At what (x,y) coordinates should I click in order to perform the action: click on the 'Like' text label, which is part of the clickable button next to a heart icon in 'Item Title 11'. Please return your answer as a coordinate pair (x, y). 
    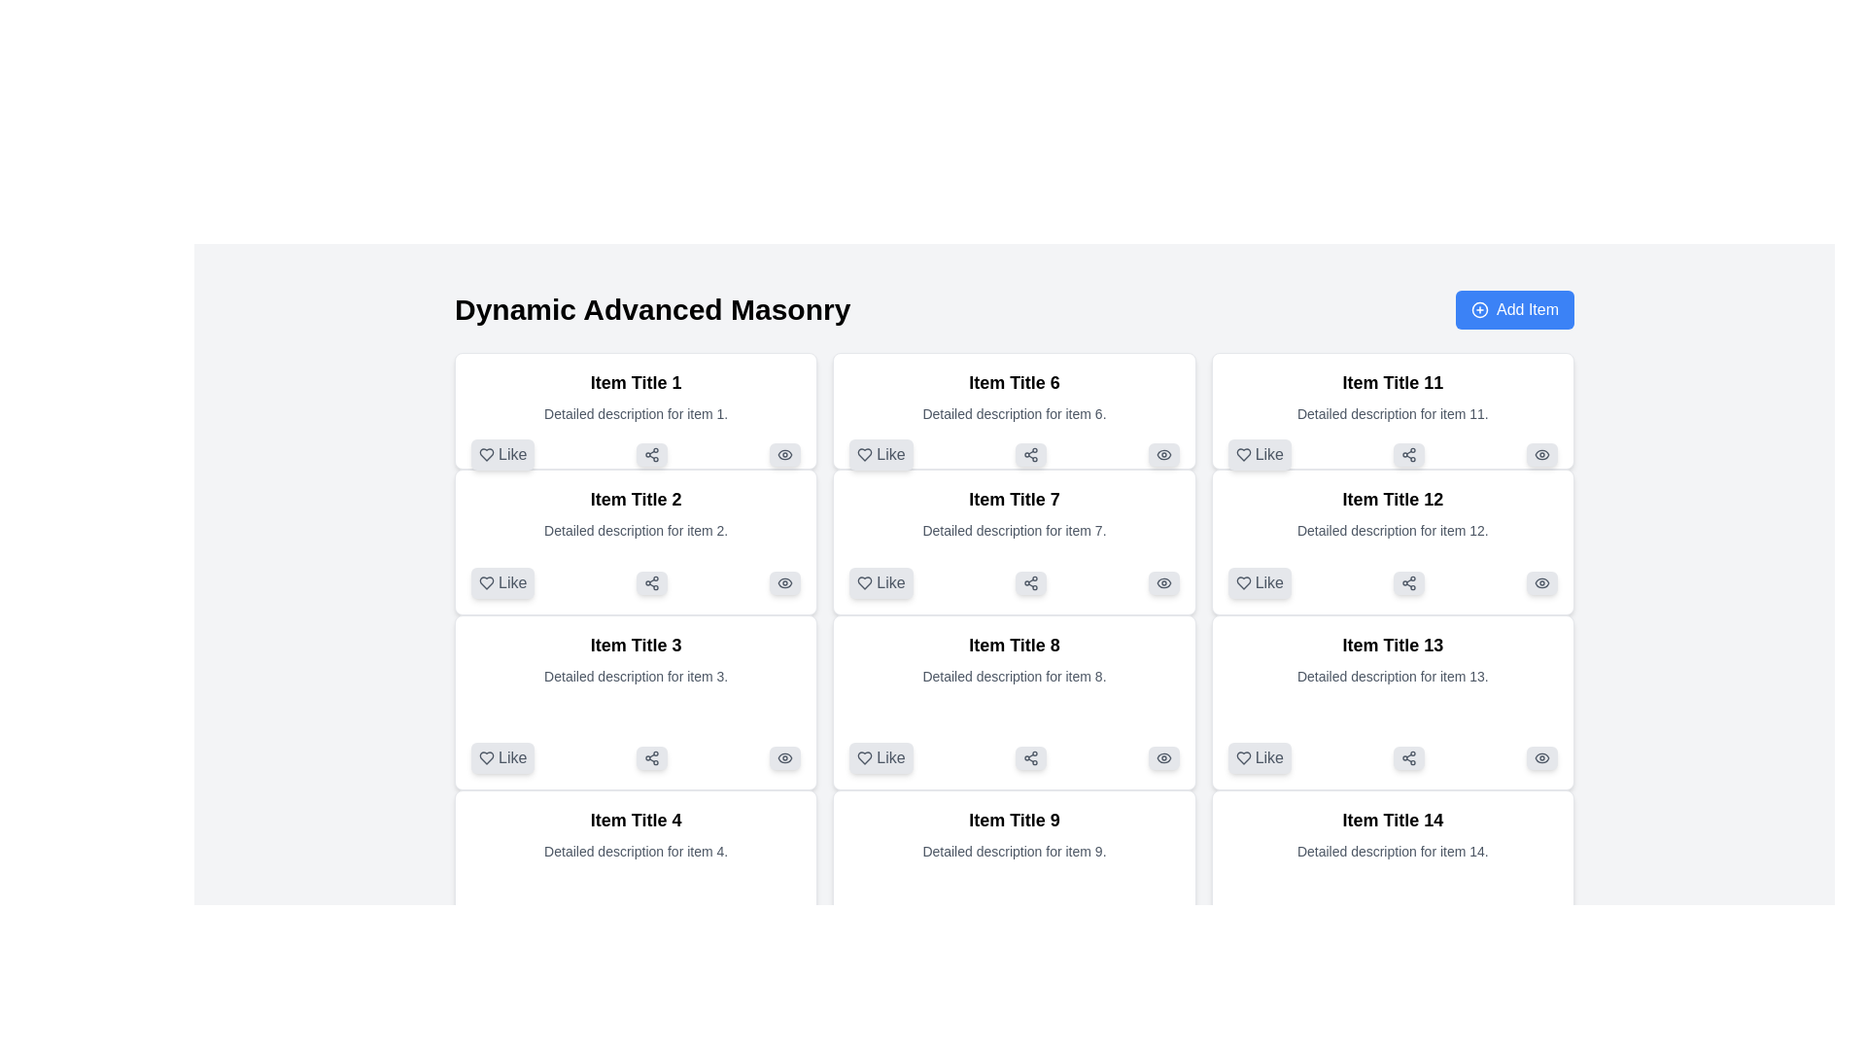
    Looking at the image, I should click on (1269, 454).